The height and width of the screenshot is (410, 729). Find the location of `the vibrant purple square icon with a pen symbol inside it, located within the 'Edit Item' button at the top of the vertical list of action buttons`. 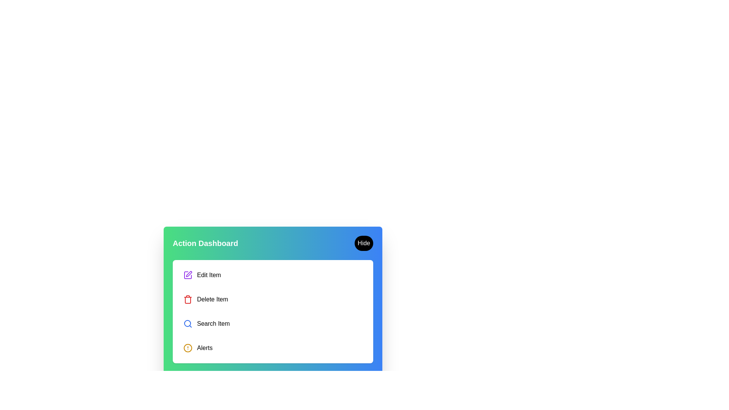

the vibrant purple square icon with a pen symbol inside it, located within the 'Edit Item' button at the top of the vertical list of action buttons is located at coordinates (188, 275).